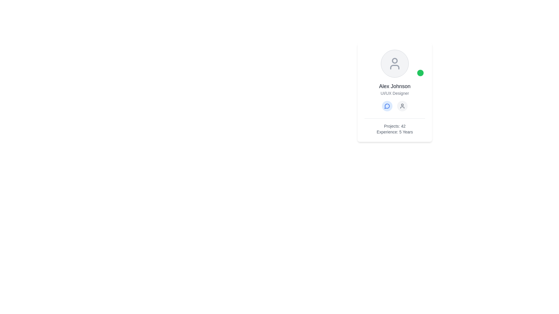 This screenshot has width=559, height=314. What do you see at coordinates (392, 126) in the screenshot?
I see `the text label that indicates the number of projects, located within the profile card, below the user's role description and above the 'Experience:' label` at bounding box center [392, 126].